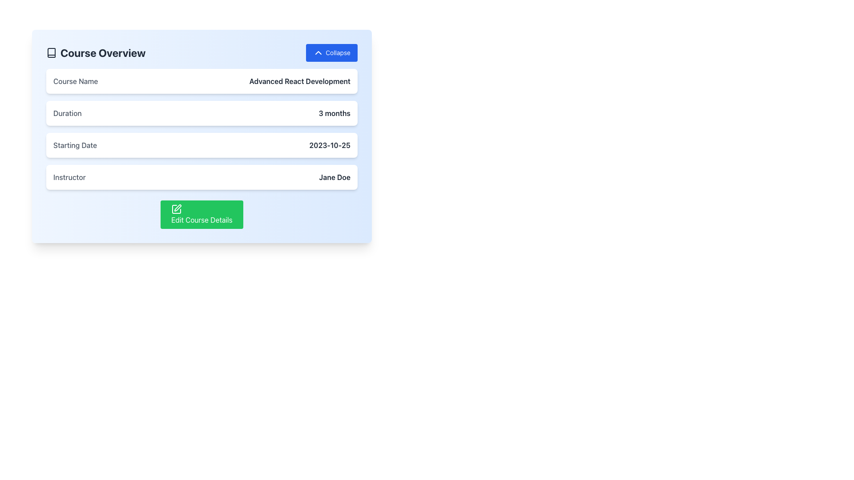 This screenshot has height=480, width=854. Describe the element at coordinates (331, 53) in the screenshot. I see `the rectangular blue button labeled 'Collapse' with a white text and an upward-pointing chevron icon, located on the right side of the 'Course Overview' header` at that location.